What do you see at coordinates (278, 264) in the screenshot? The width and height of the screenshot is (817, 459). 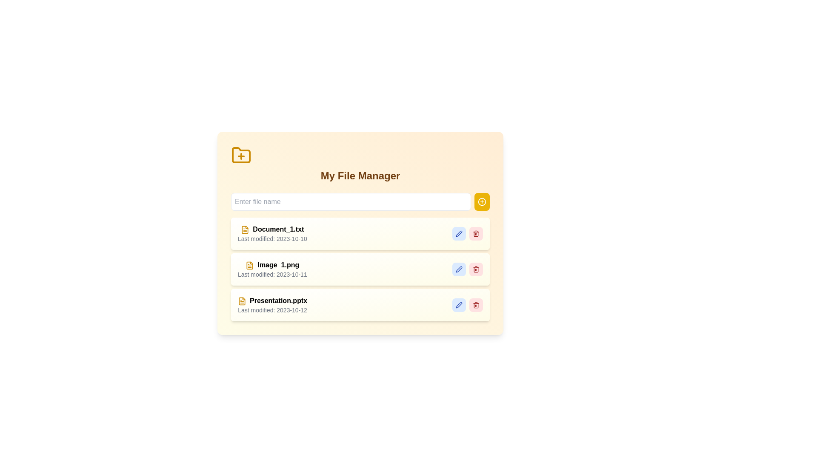 I see `the File label element representing the second item` at bounding box center [278, 264].